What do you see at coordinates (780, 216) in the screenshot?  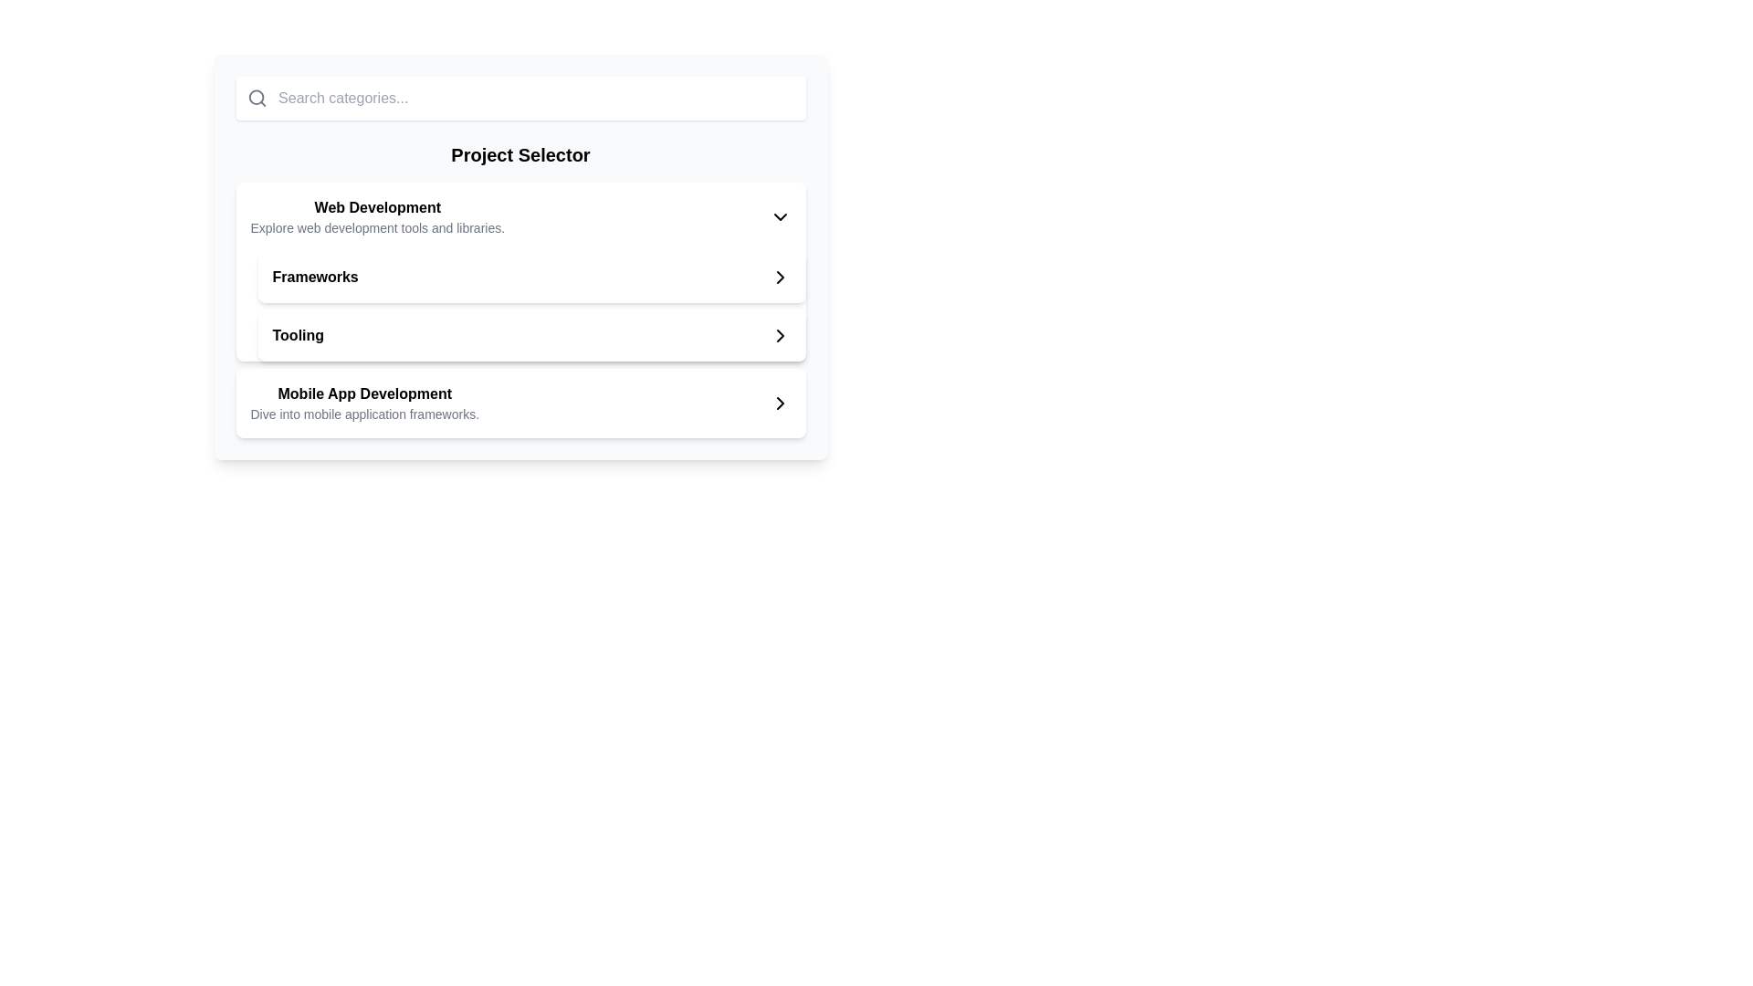 I see `the Chevron Down icon` at bounding box center [780, 216].